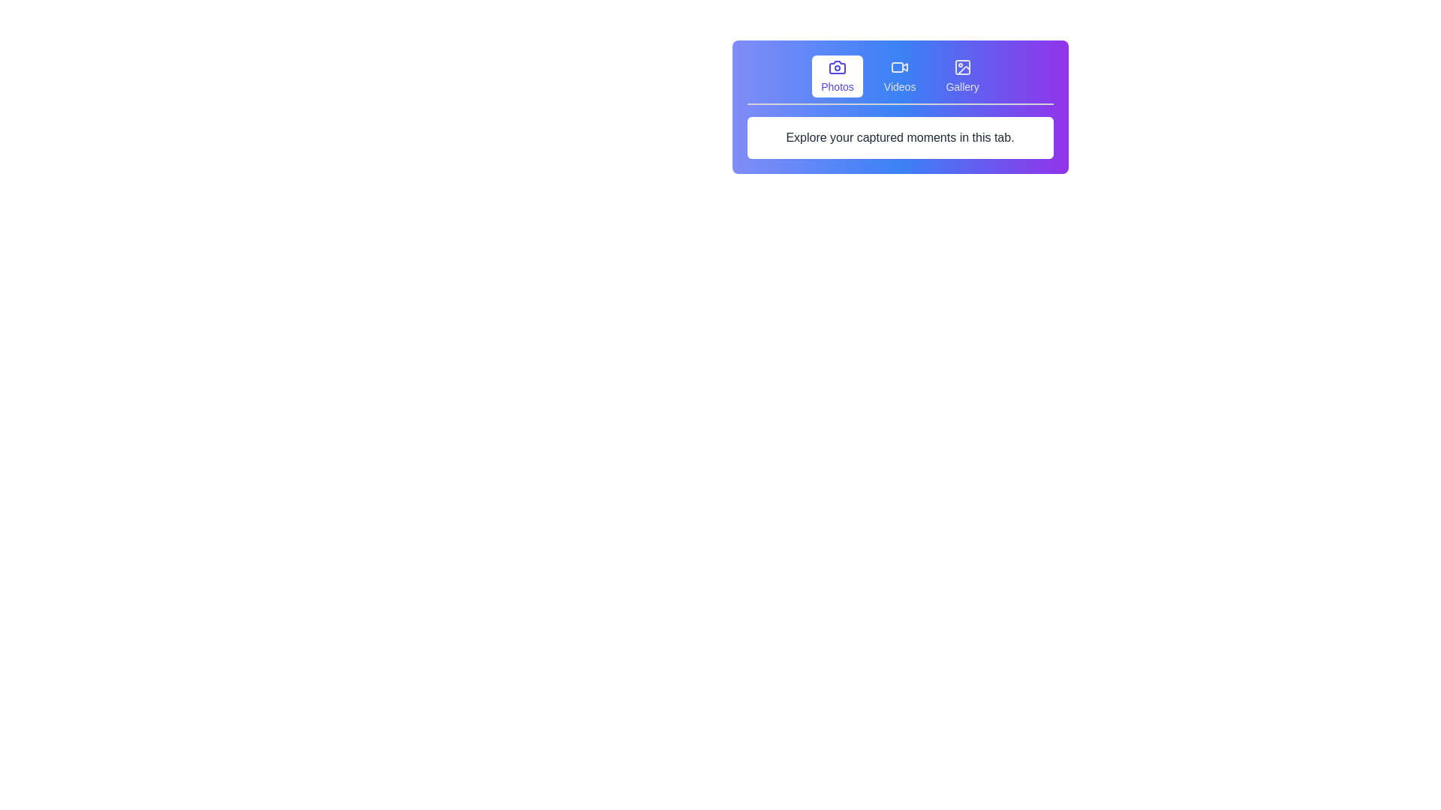 The image size is (1441, 810). Describe the element at coordinates (900, 138) in the screenshot. I see `text from the Informational block, which is a rectangular section with a white background and gray text located below the navigation tab area labeled 'Photos,' 'Videos,' and 'Gallery.'` at that location.